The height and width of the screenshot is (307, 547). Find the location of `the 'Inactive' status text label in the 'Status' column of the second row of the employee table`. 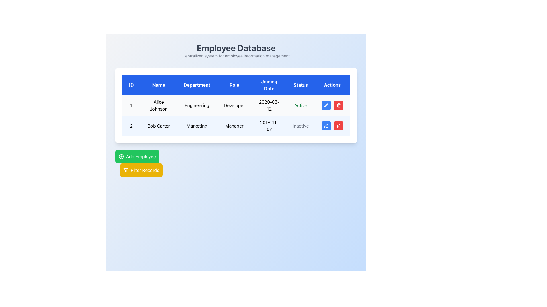

the 'Inactive' status text label in the 'Status' column of the second row of the employee table is located at coordinates (300, 126).